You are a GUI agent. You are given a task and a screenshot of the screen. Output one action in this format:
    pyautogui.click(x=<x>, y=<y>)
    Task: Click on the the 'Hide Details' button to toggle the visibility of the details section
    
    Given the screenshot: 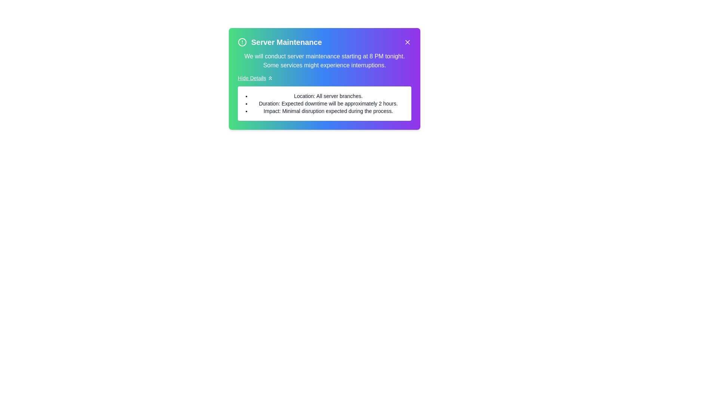 What is the action you would take?
    pyautogui.click(x=255, y=78)
    